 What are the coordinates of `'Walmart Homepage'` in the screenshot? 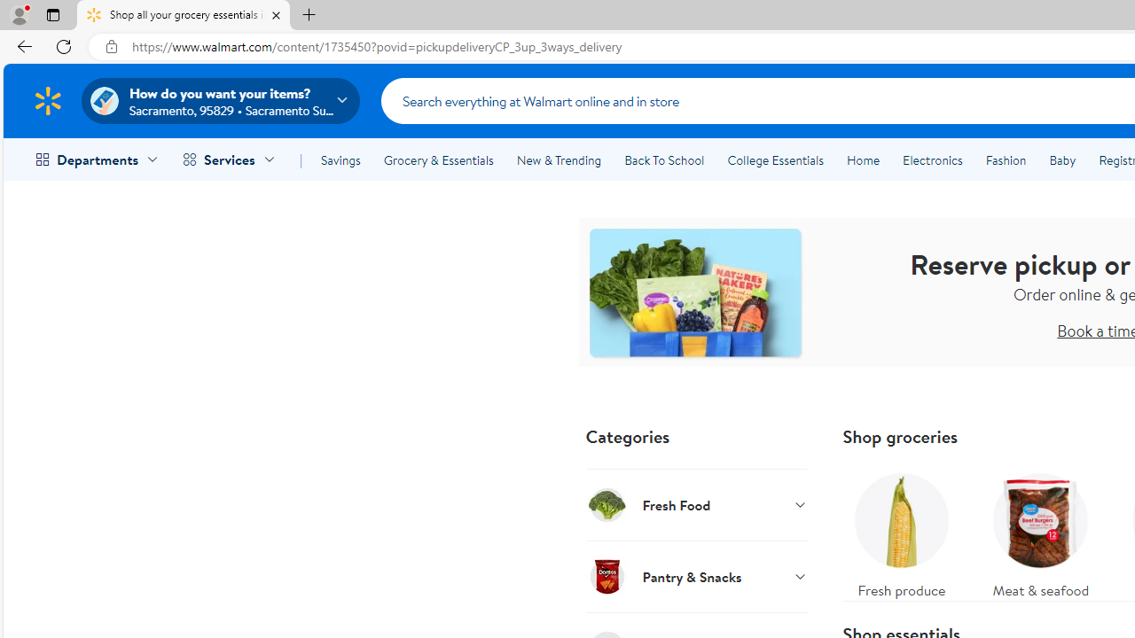 It's located at (47, 100).